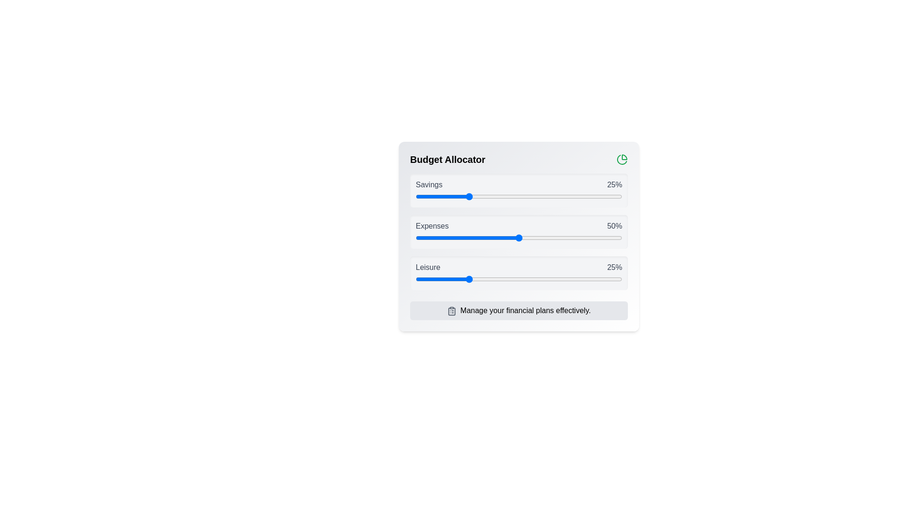 Image resolution: width=901 pixels, height=507 pixels. I want to click on the PieChart icon to interact with it, so click(622, 159).